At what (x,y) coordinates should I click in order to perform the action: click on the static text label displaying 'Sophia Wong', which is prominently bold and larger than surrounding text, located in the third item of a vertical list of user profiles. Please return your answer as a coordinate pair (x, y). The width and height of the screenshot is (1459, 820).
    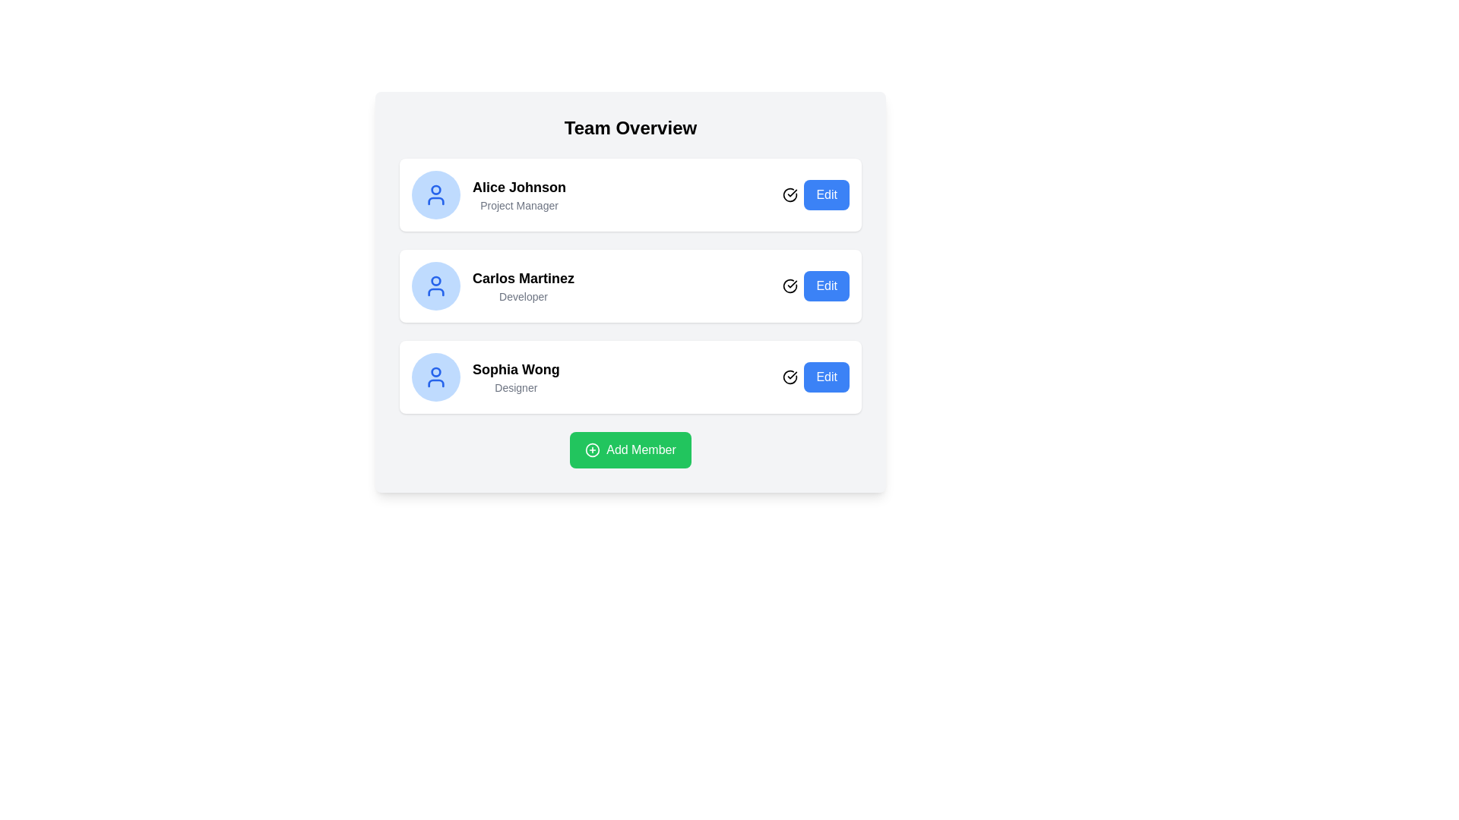
    Looking at the image, I should click on (516, 369).